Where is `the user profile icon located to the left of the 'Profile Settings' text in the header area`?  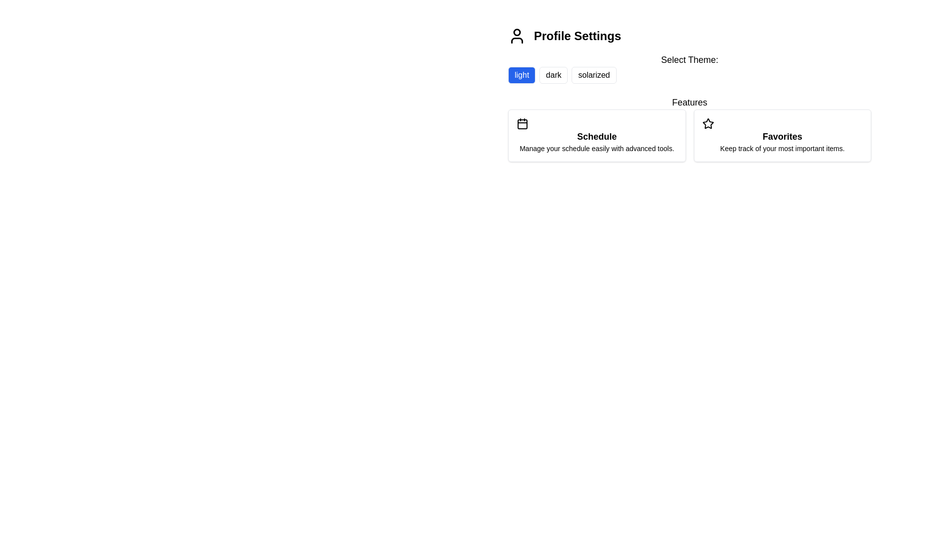
the user profile icon located to the left of the 'Profile Settings' text in the header area is located at coordinates (516, 36).